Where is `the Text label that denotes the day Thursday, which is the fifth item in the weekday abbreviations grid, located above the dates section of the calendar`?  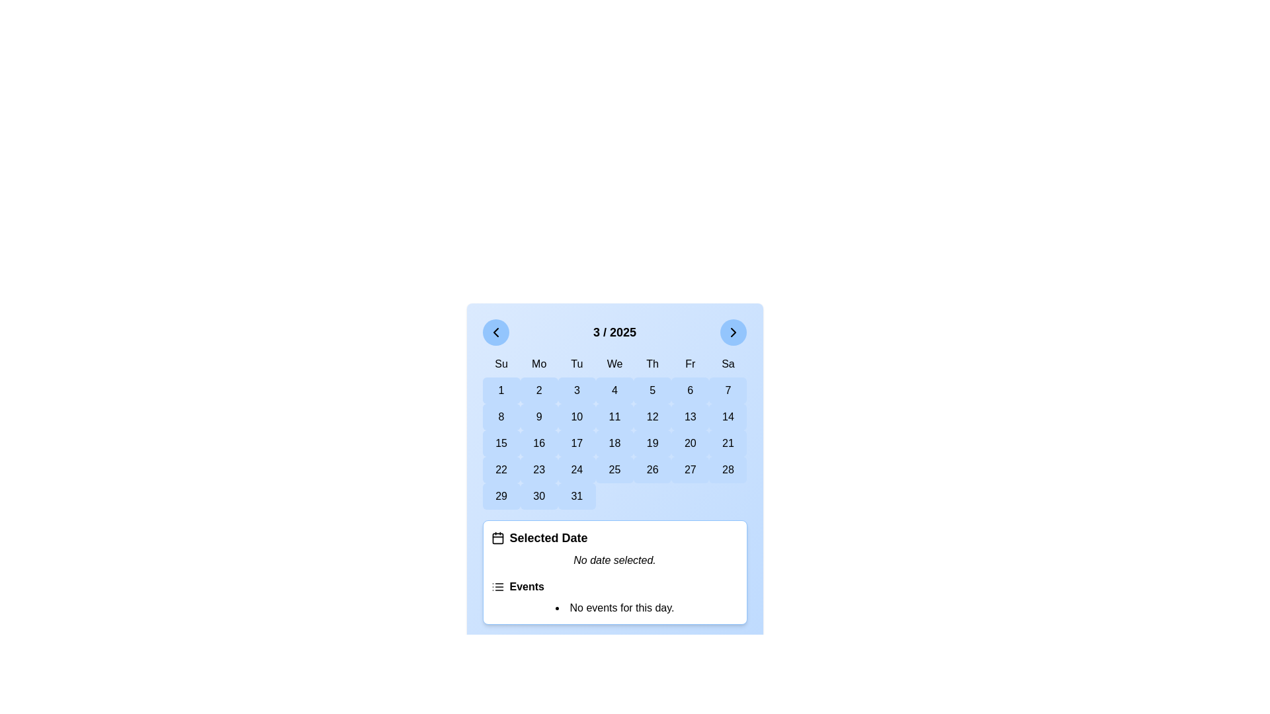 the Text label that denotes the day Thursday, which is the fifth item in the weekday abbreviations grid, located above the dates section of the calendar is located at coordinates (652, 364).